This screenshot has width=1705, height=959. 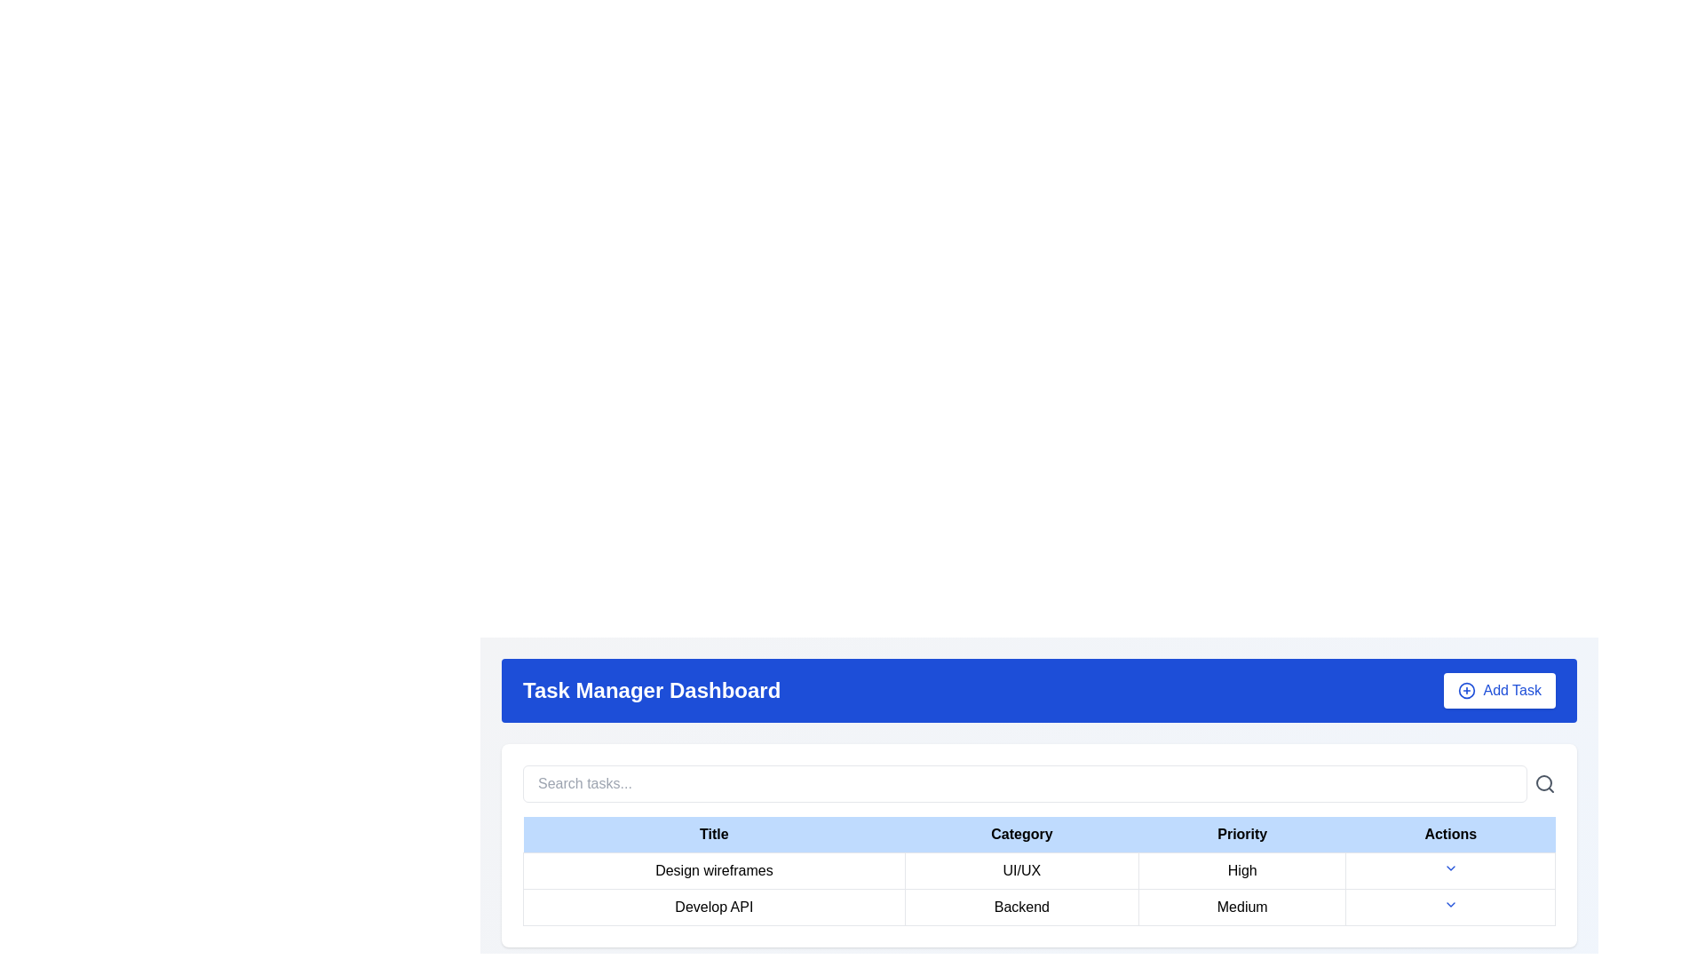 I want to click on the table header cell labeled 'Actions', which is the fourth column in the header row with a light blue background, so click(x=1450, y=835).